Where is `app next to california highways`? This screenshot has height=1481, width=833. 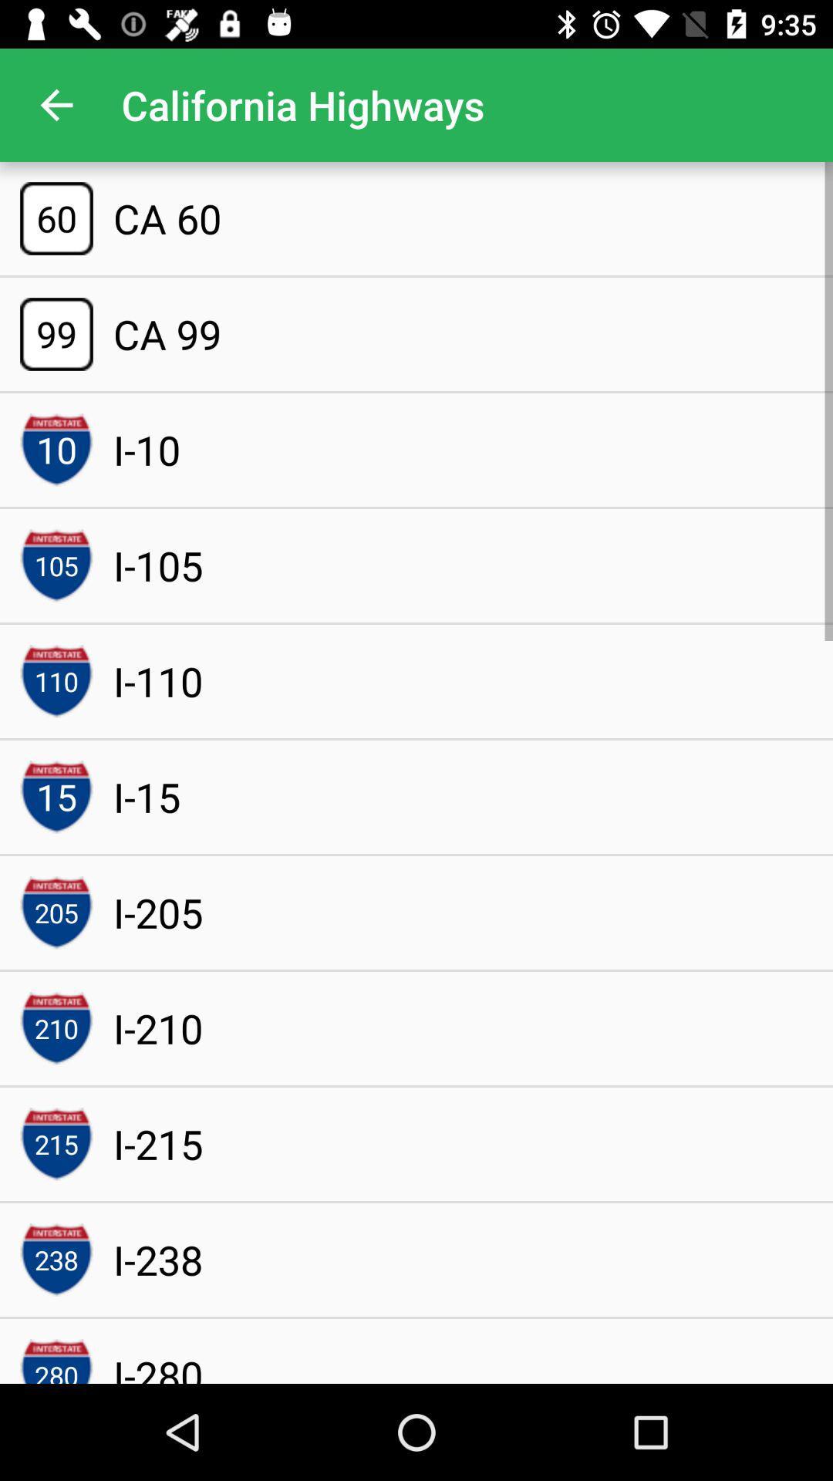 app next to california highways is located at coordinates (56, 104).